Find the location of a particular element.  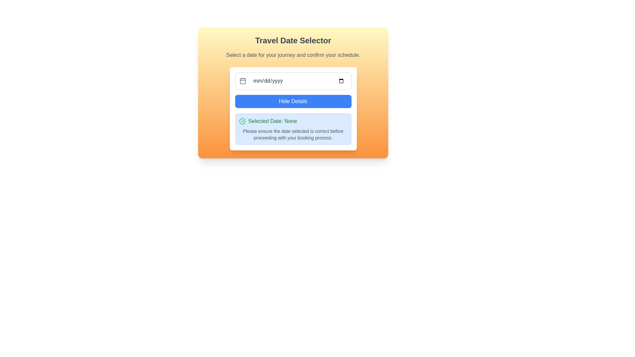

the date selection icon located at the far left of the date input section, which indicates the purpose of the adjacent input field is located at coordinates (242, 81).